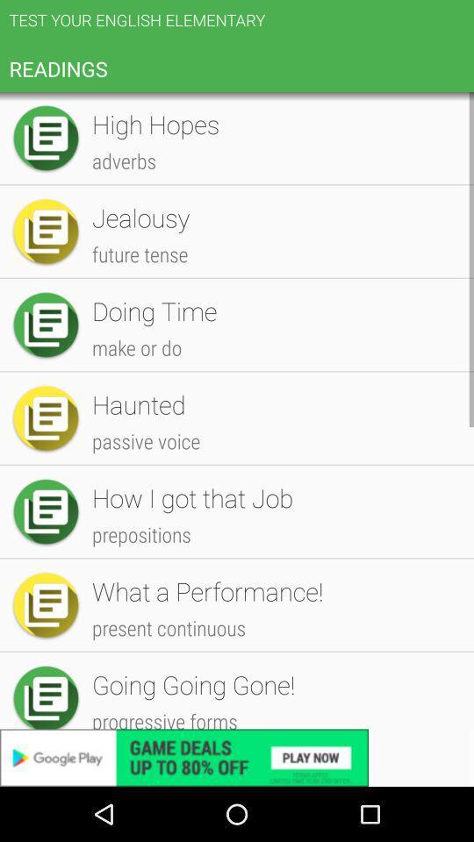 Image resolution: width=474 pixels, height=842 pixels. I want to click on icon below the millionaire, so click(274, 547).